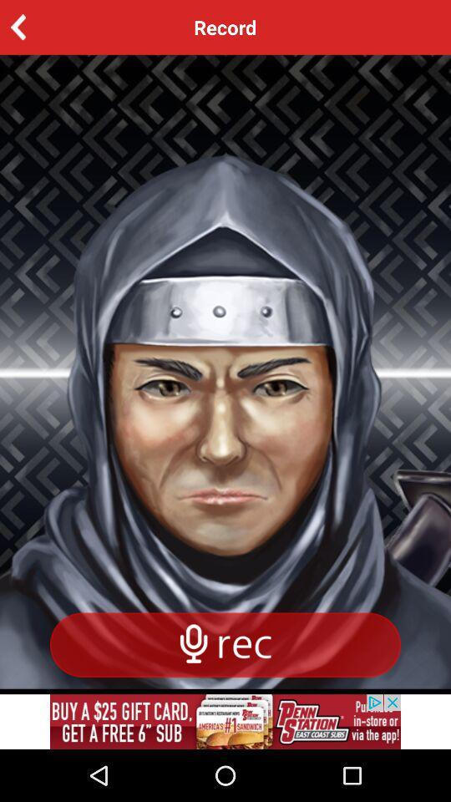 The image size is (451, 802). I want to click on the arrow_backward icon, so click(43, 28).